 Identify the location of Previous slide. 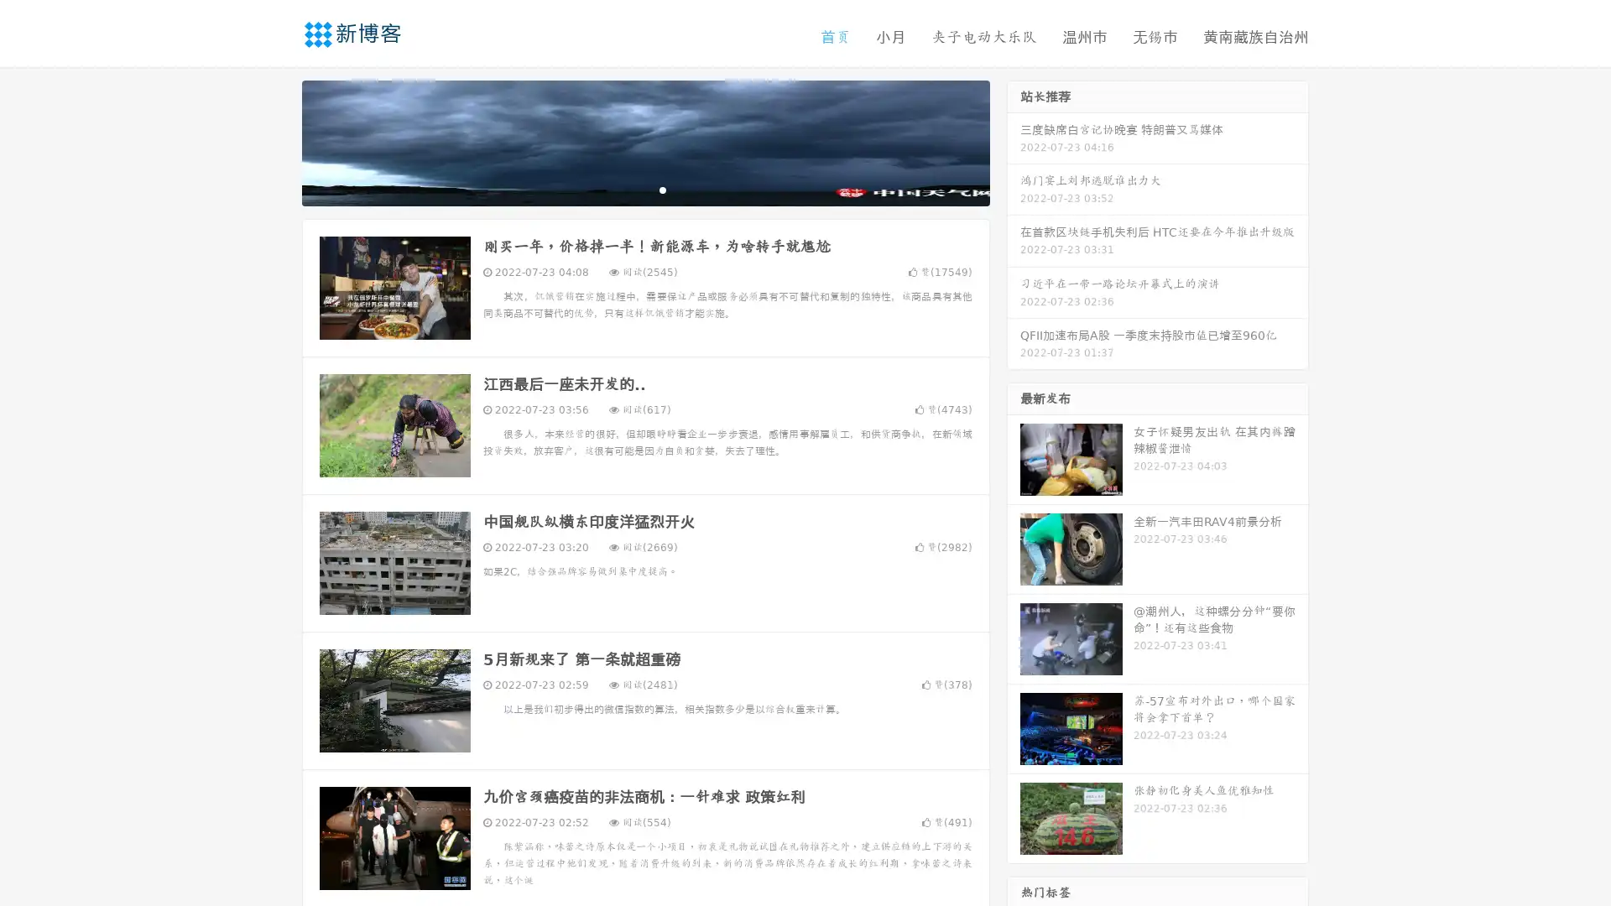
(277, 141).